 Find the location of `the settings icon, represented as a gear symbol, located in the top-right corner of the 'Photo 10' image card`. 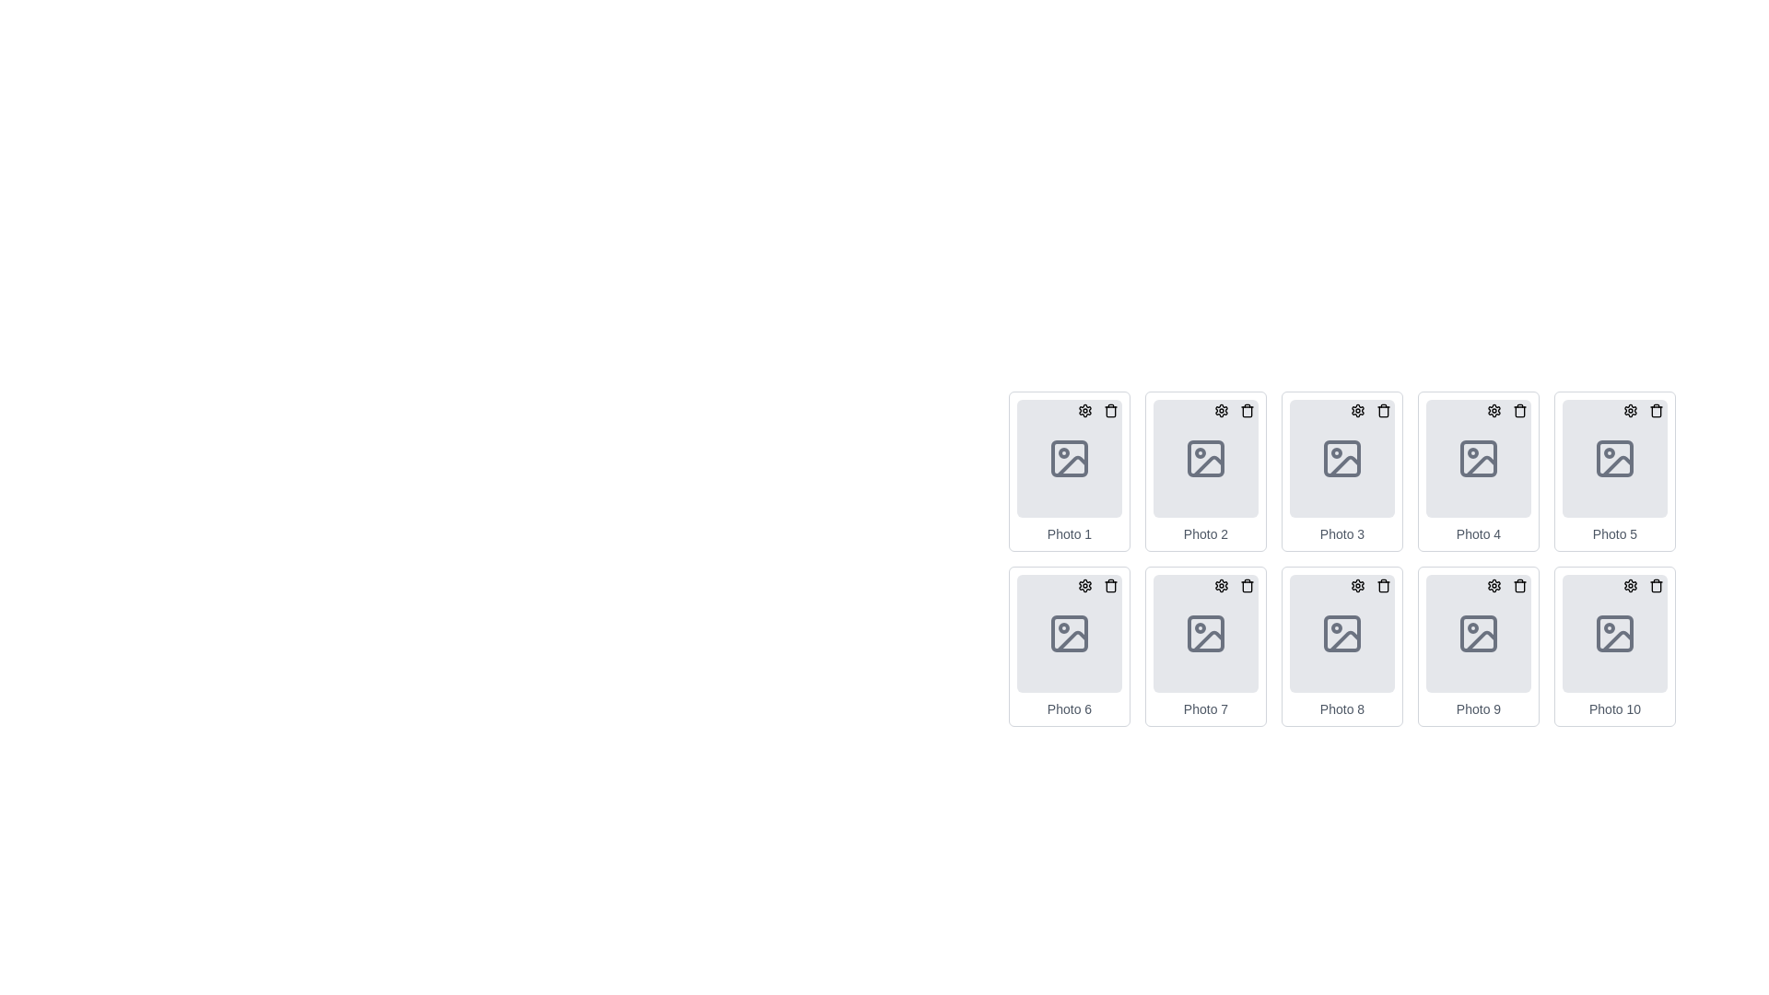

the settings icon, represented as a gear symbol, located in the top-right corner of the 'Photo 10' image card is located at coordinates (1631, 586).